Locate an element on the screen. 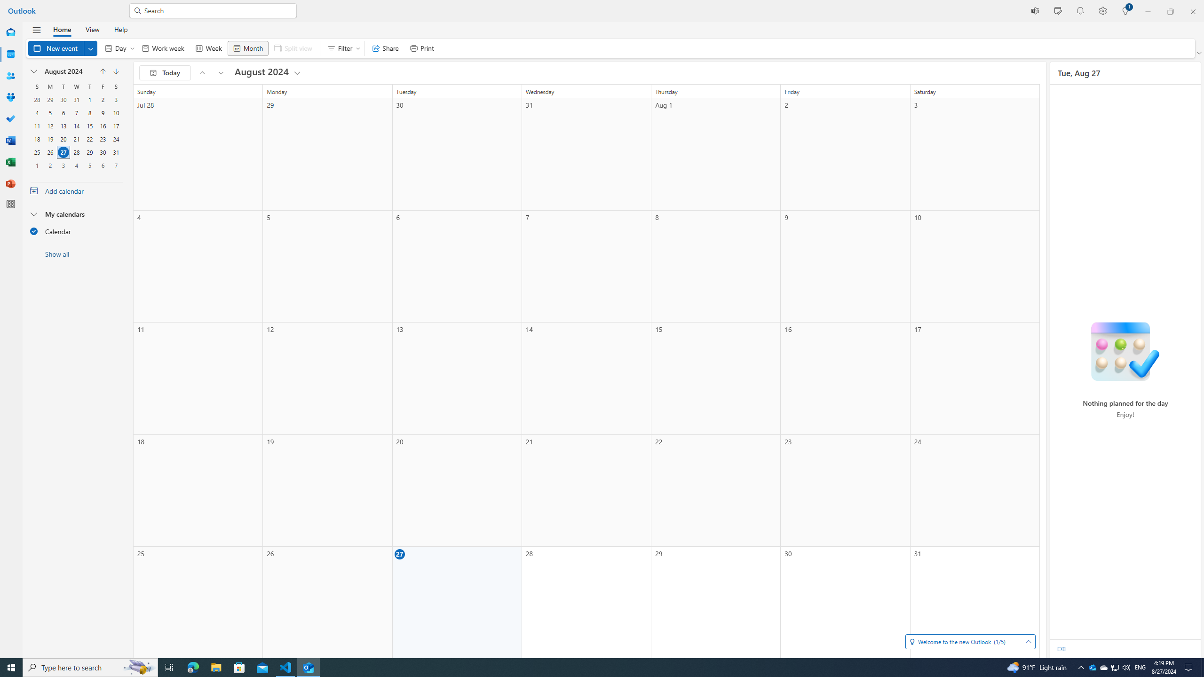  'Visual Studio Code - 1 running window' is located at coordinates (285, 667).